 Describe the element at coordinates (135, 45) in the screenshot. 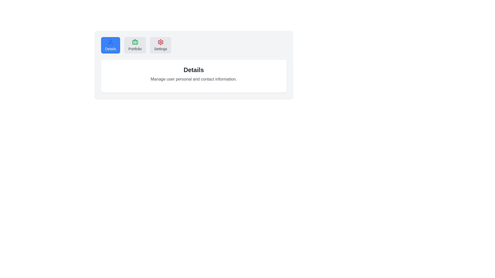

I see `the Portfolio tab` at that location.